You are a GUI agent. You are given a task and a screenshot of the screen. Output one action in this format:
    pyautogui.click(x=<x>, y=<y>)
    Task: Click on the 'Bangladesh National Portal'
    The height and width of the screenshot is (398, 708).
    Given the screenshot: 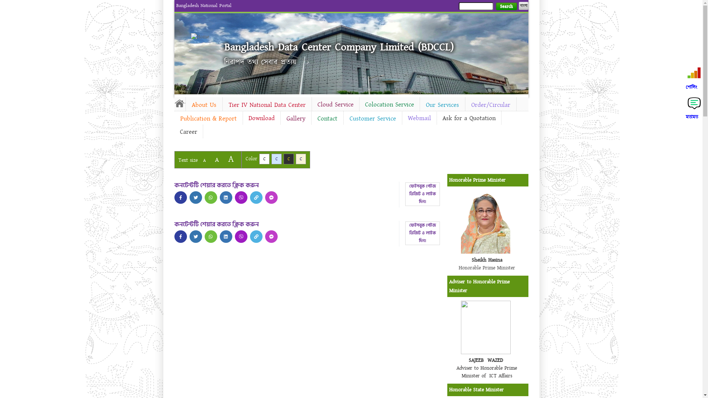 What is the action you would take?
    pyautogui.click(x=204, y=6)
    